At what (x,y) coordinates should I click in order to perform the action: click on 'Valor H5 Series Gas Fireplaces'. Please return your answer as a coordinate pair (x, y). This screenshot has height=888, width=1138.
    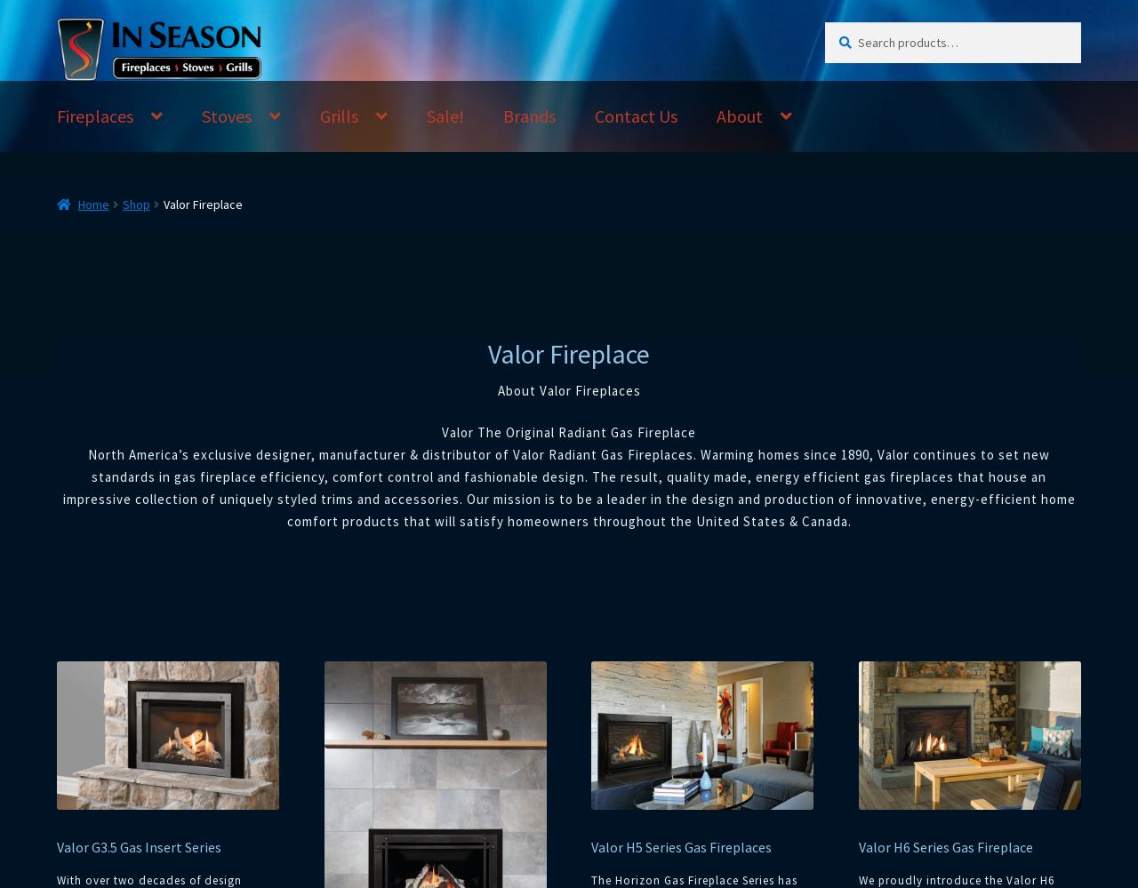
    Looking at the image, I should click on (680, 846).